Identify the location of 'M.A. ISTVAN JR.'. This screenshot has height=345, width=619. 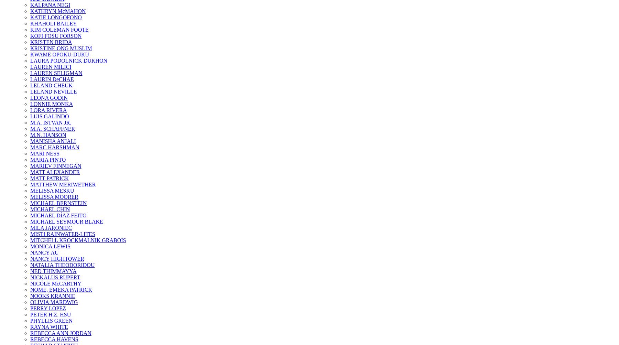
(51, 122).